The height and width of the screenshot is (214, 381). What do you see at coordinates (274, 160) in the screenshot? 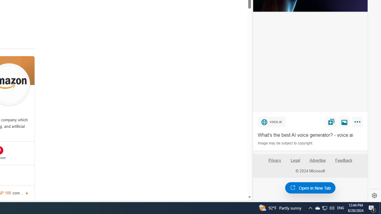
I see `'Privacy'` at bounding box center [274, 160].